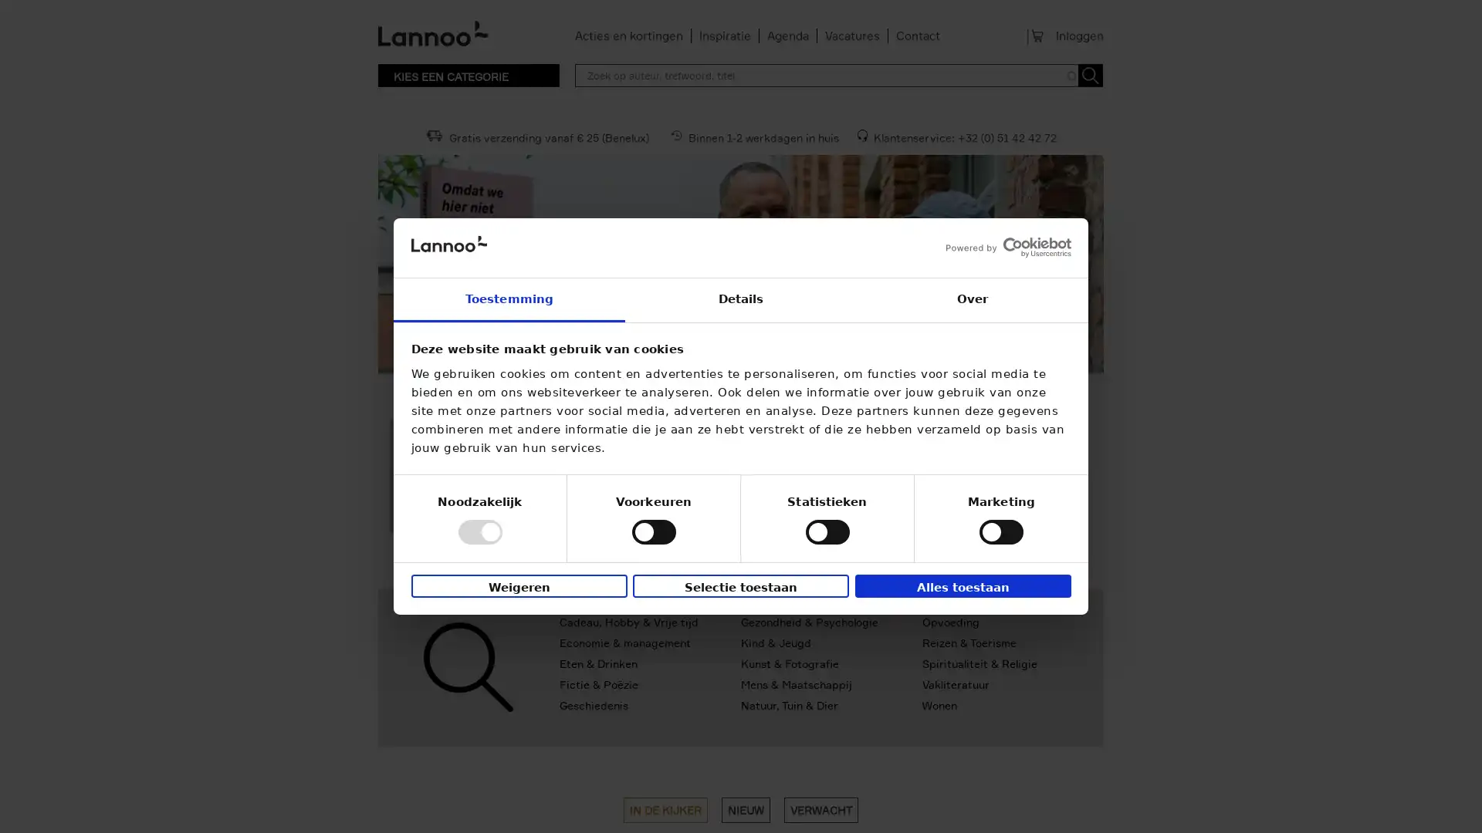  What do you see at coordinates (519, 585) in the screenshot?
I see `Weigeren` at bounding box center [519, 585].